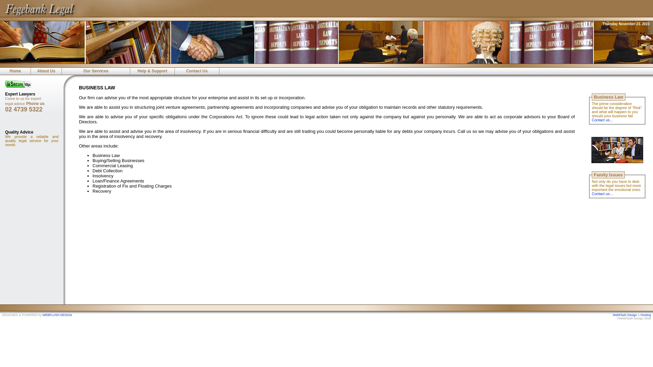 This screenshot has height=367, width=653. Describe the element at coordinates (57, 315) in the screenshot. I see `'WEBFLASH DESIGN'` at that location.